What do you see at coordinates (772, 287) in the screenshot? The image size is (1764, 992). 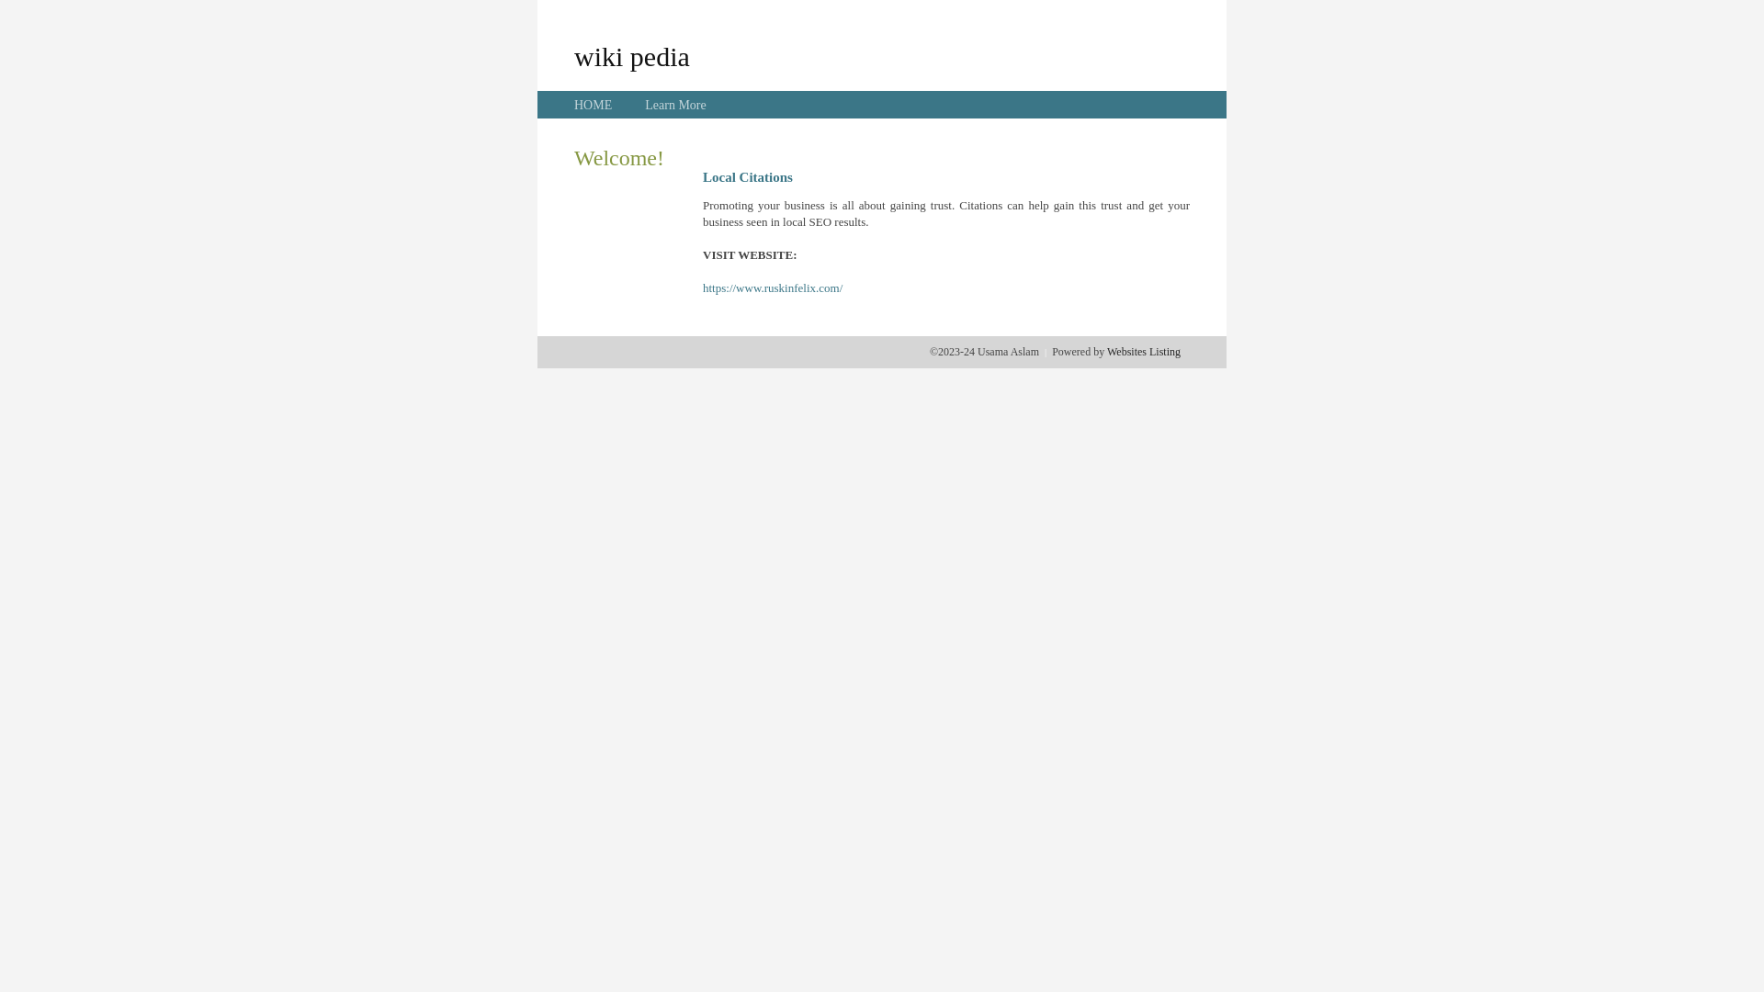 I see `'https://www.ruskinfelix.com/'` at bounding box center [772, 287].